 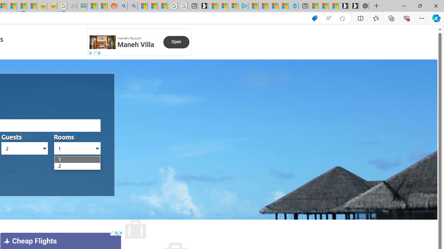 What do you see at coordinates (77, 148) in the screenshot?
I see `'AutomationID: hotels_rooms'` at bounding box center [77, 148].